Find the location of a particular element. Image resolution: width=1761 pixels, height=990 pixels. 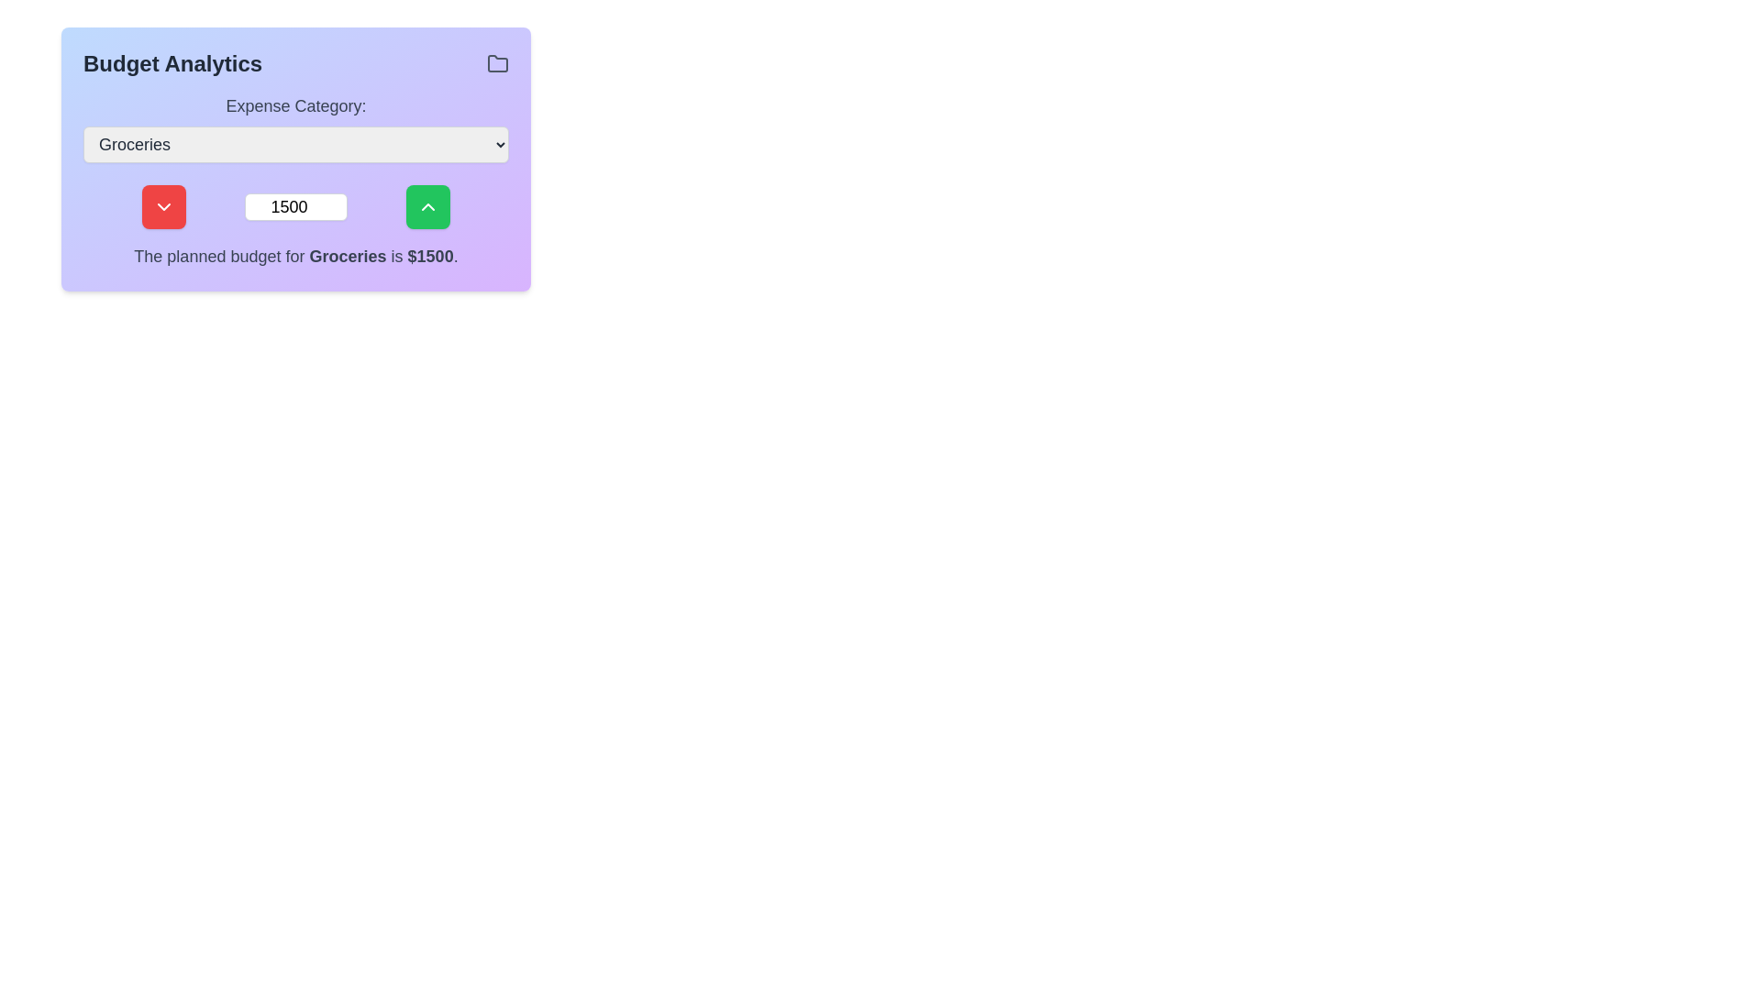

the button located to the right of the numeric input box in the 'Budget Analytics' panel is located at coordinates (426, 206).